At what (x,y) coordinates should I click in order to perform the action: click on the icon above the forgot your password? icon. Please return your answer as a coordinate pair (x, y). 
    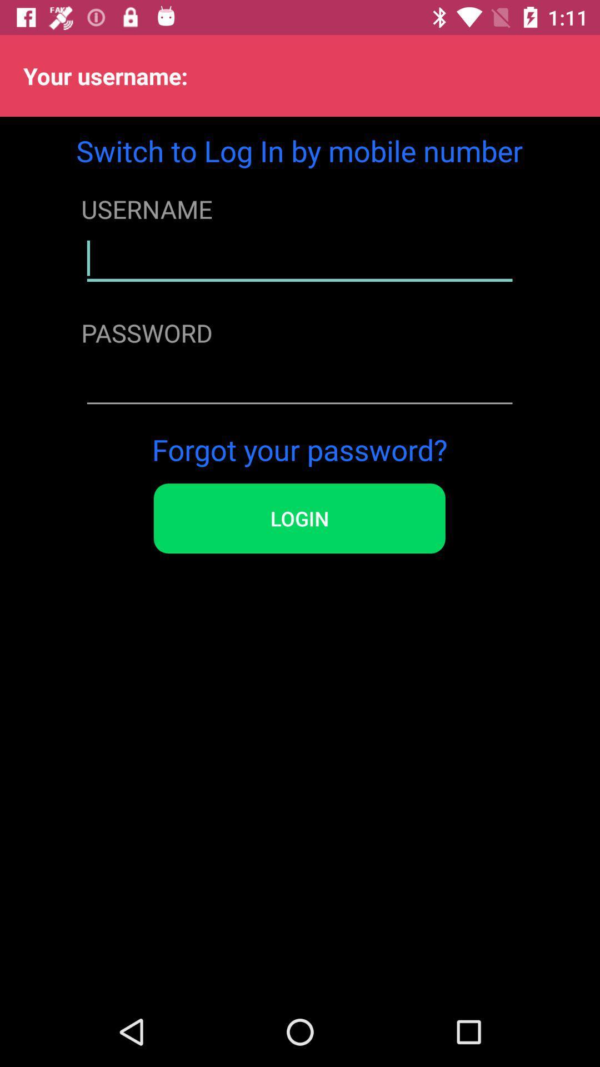
    Looking at the image, I should click on (299, 382).